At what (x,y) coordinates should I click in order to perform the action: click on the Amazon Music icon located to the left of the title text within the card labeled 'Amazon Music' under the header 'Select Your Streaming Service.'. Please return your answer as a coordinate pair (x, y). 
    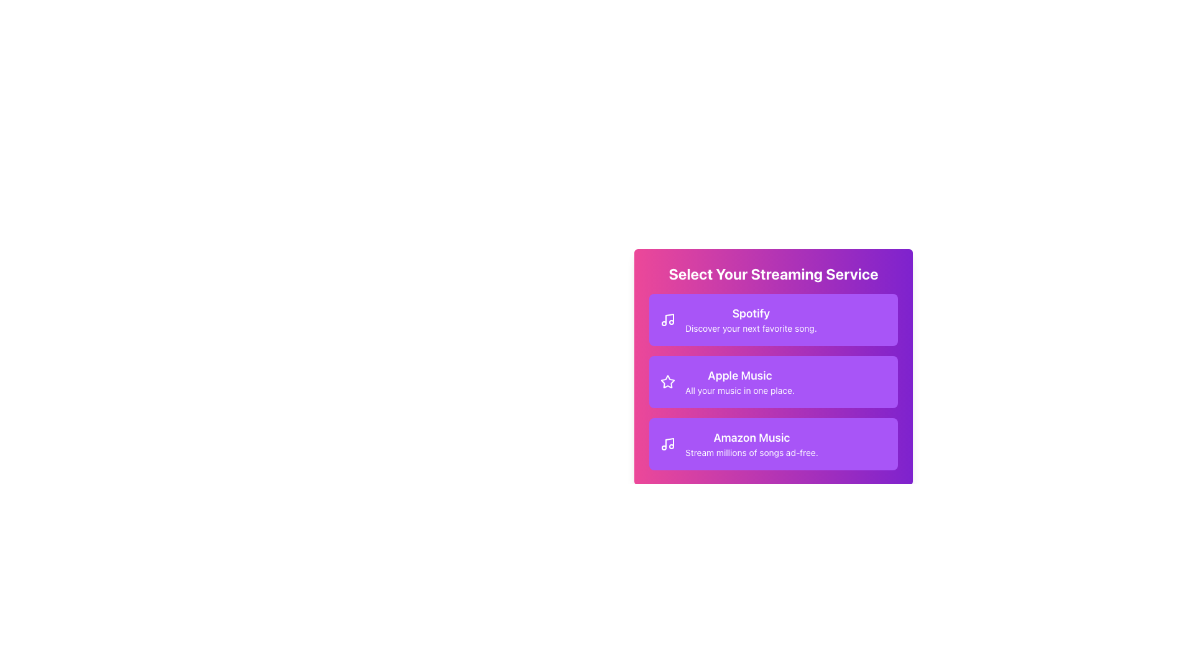
    Looking at the image, I should click on (667, 443).